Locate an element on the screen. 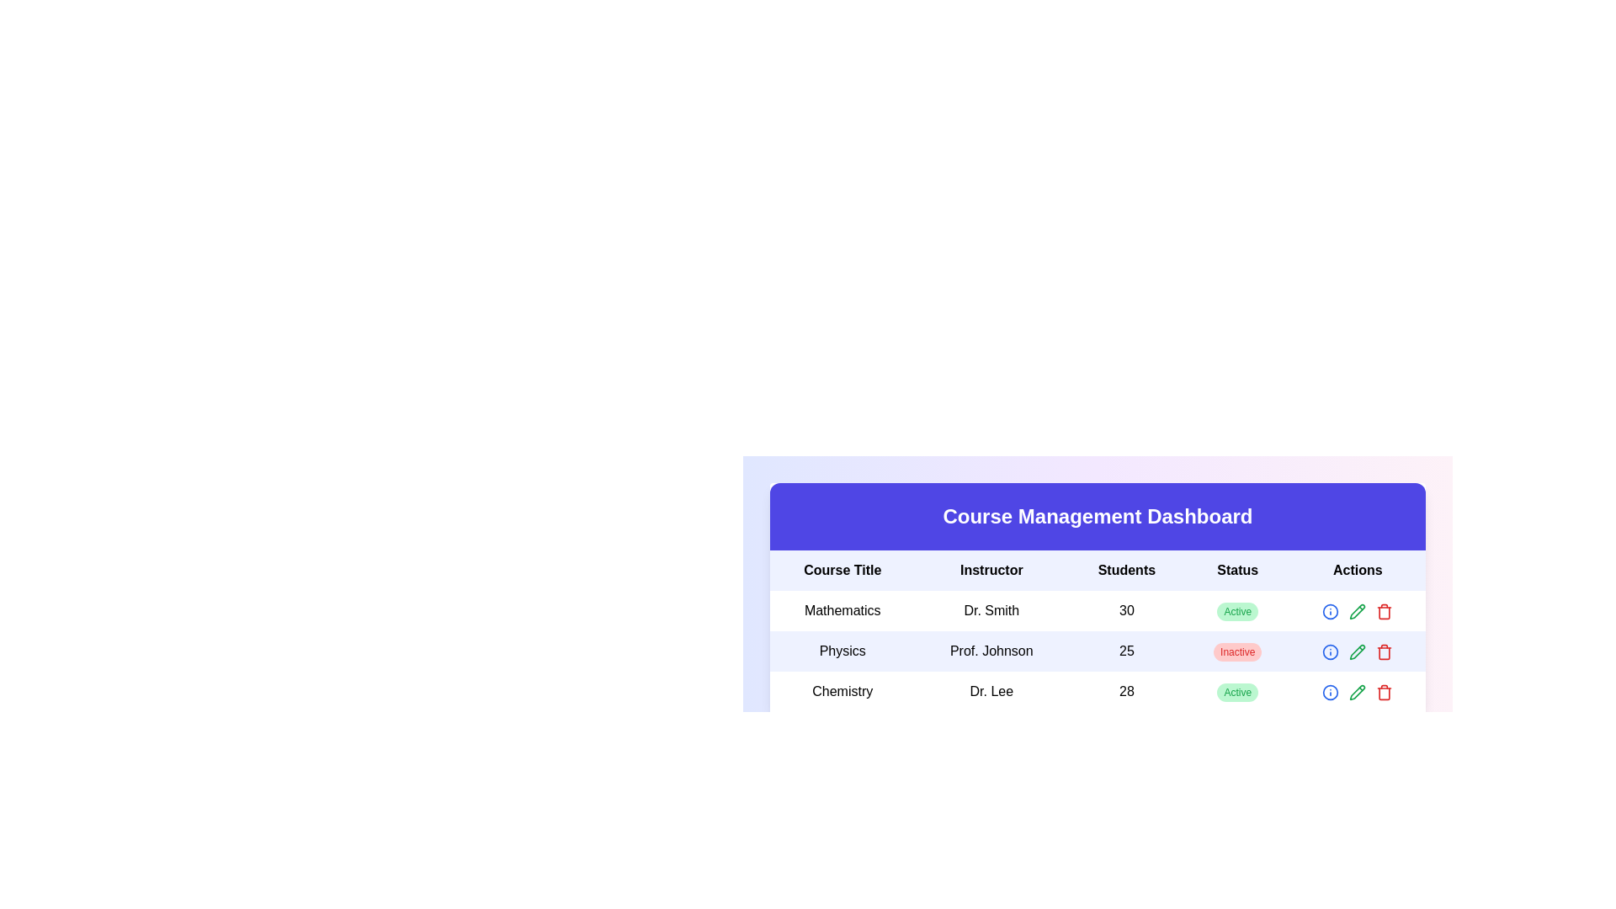  the 'Number of Students' column header in the table, which is the third entry from the left, providing context to the data below is located at coordinates (1126, 570).